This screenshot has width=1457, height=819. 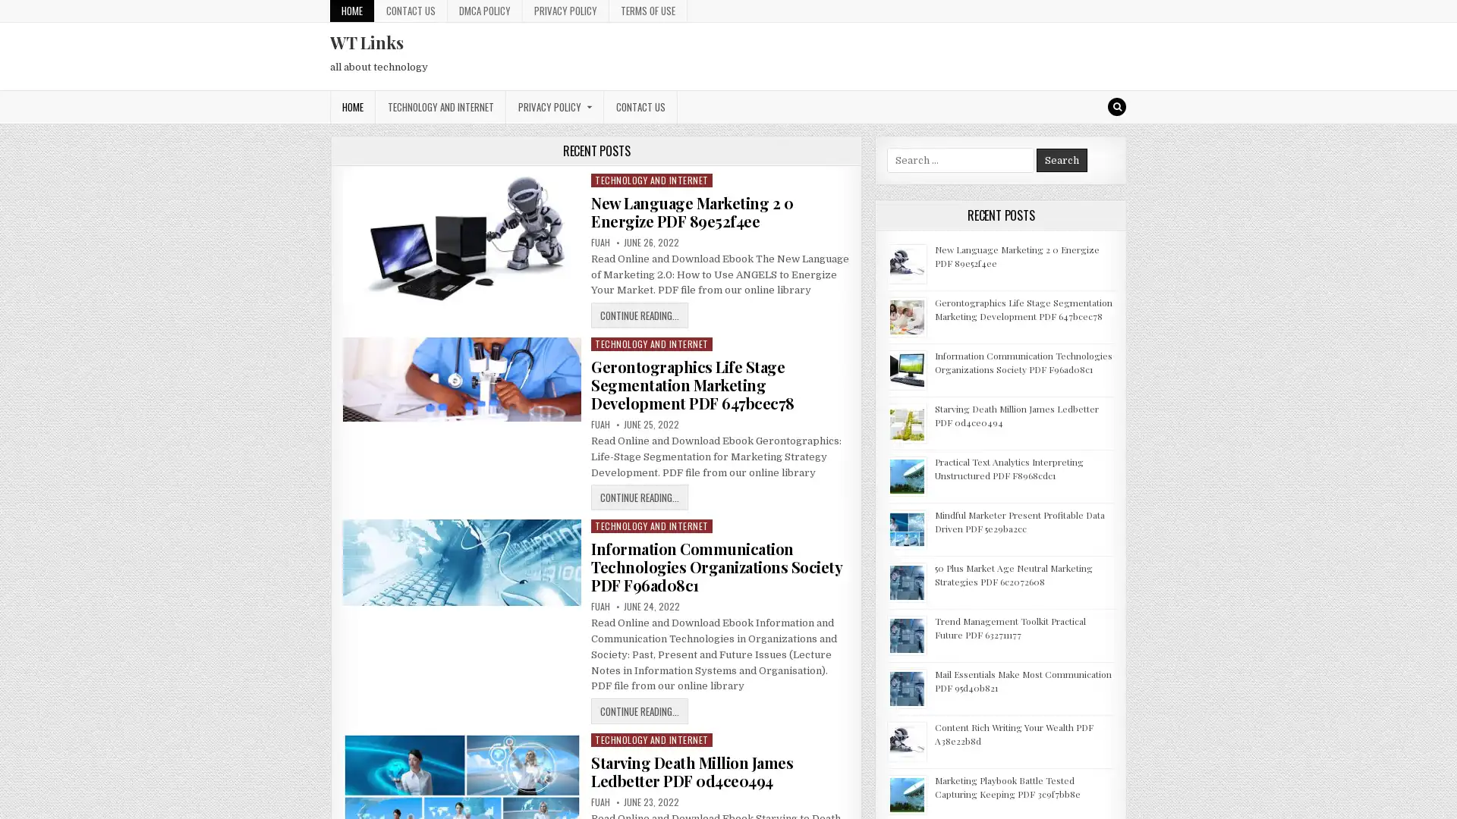 I want to click on Search, so click(x=1061, y=160).